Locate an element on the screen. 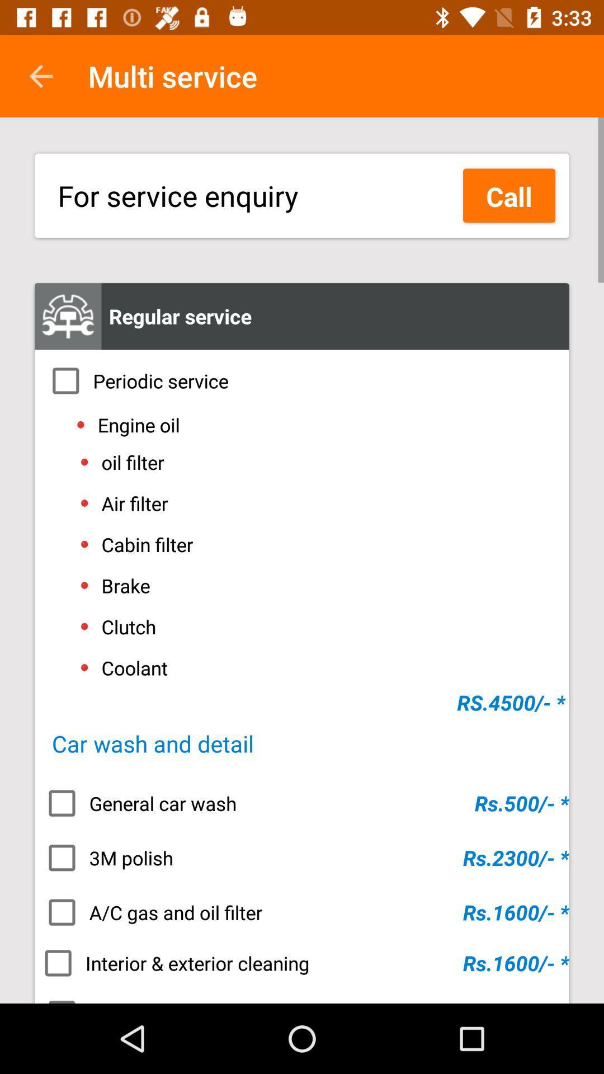 Image resolution: width=604 pixels, height=1074 pixels. interior & exterior cleaning item is located at coordinates (302, 963).